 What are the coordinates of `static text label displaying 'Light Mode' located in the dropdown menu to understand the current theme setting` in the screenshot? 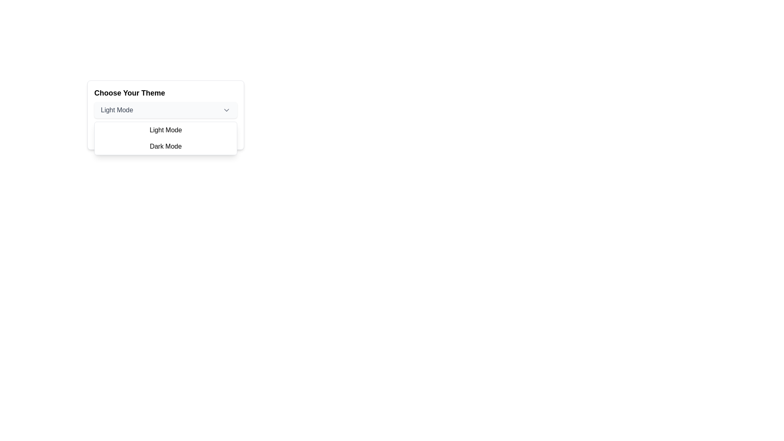 It's located at (116, 110).